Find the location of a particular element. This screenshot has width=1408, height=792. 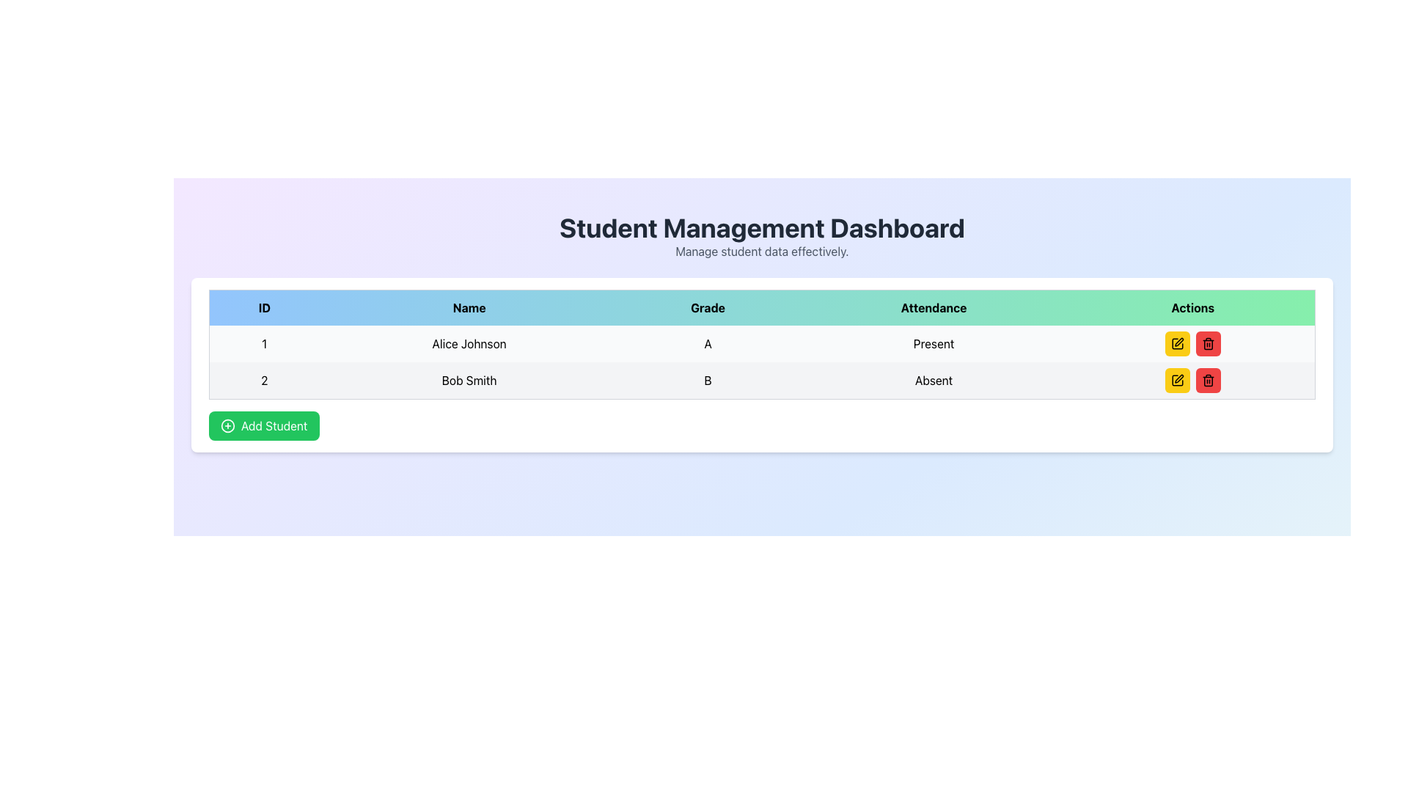

the 'Grade' column header label, which is centrally aligned in the third column of the table layout, positioned between the 'Name' and 'Attendance' columns is located at coordinates (708, 307).